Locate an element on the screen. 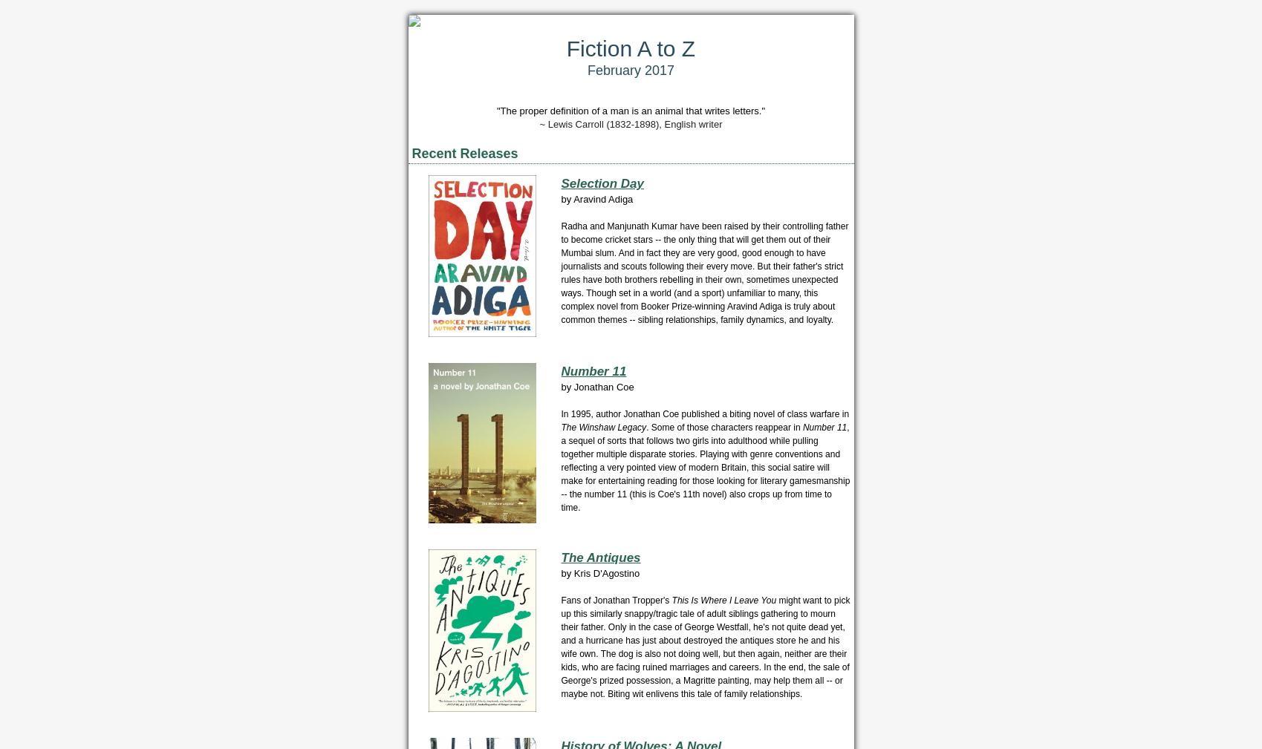 The image size is (1262, 749). 'Selection Day' is located at coordinates (560, 183).